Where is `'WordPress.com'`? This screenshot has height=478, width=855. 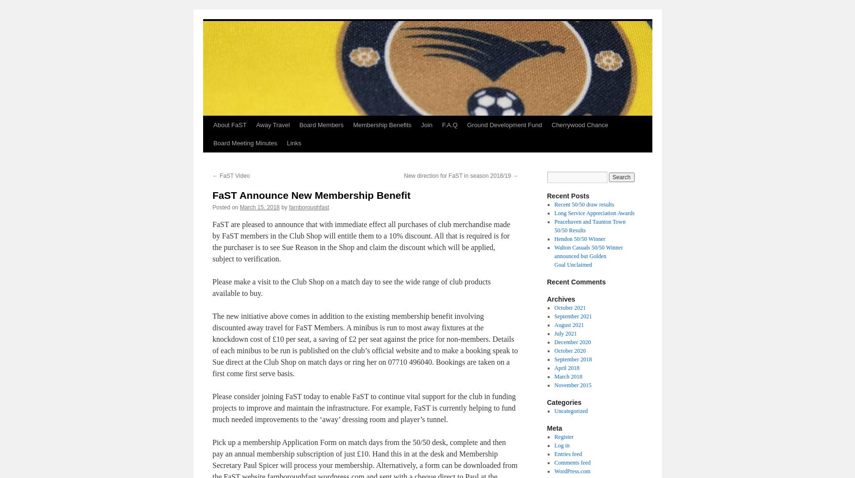
'WordPress.com' is located at coordinates (572, 471).